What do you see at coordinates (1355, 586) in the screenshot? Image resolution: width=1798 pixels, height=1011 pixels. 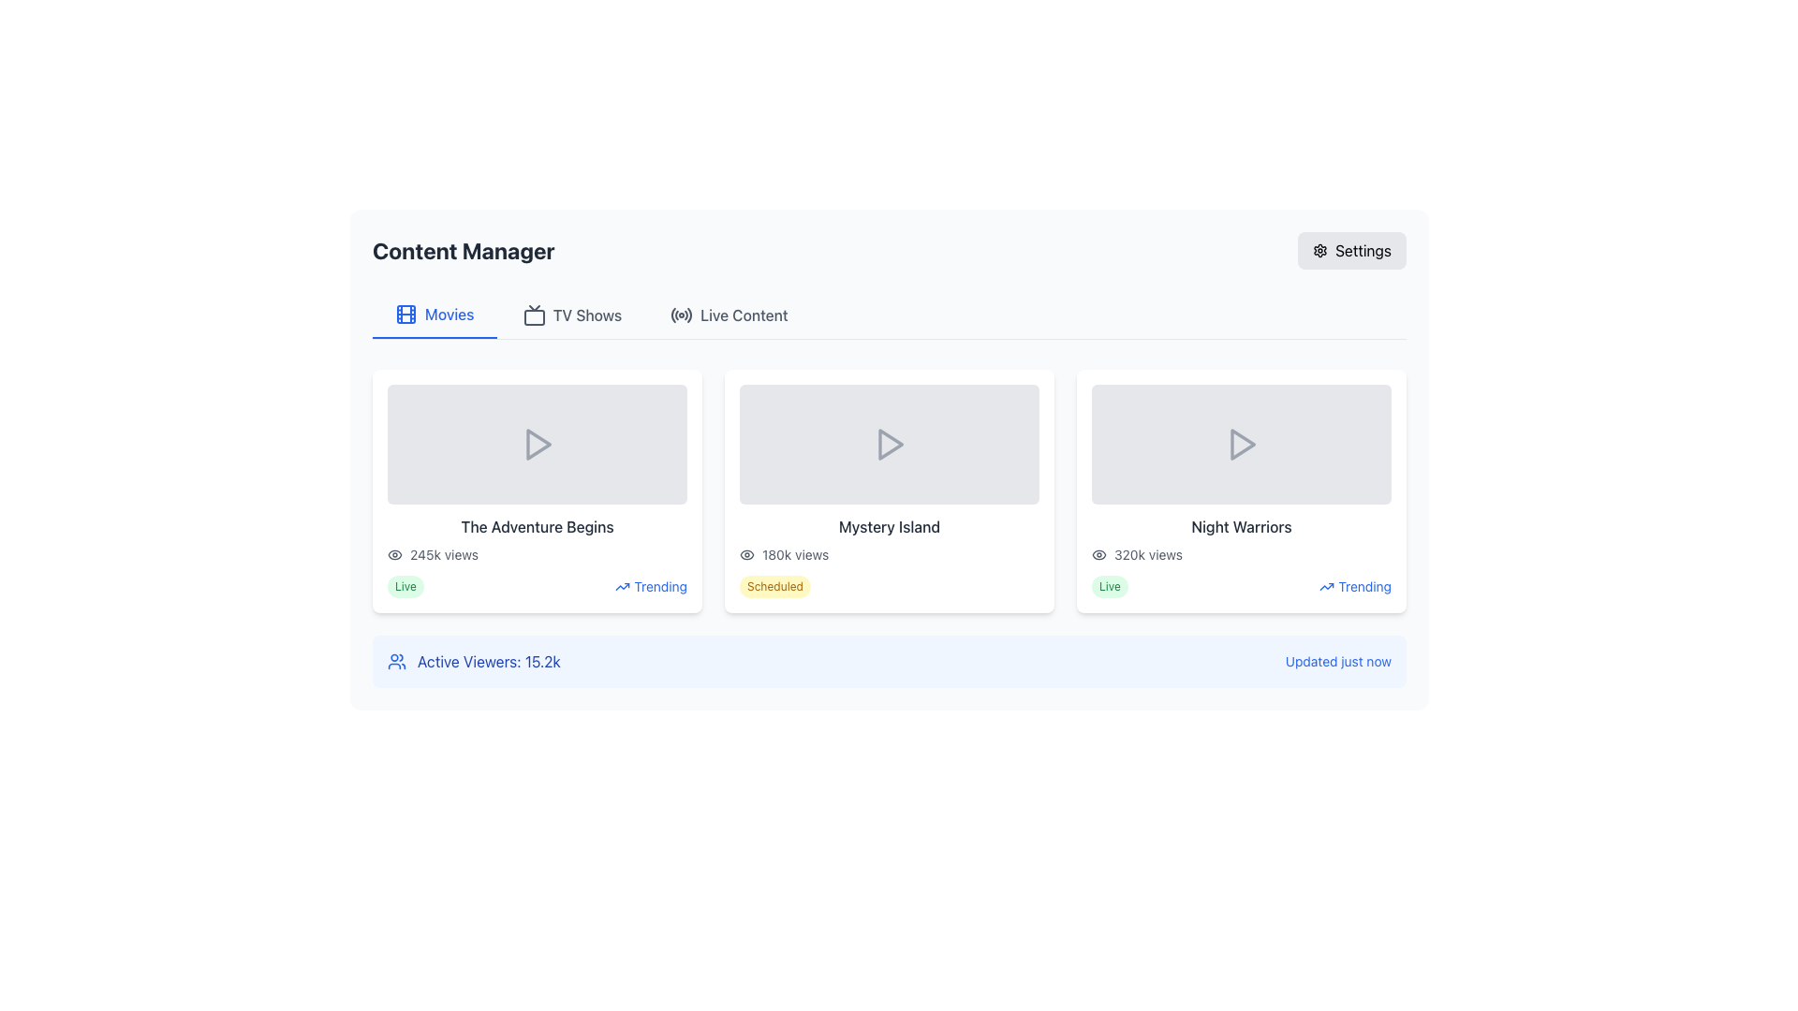 I see `the 'Trending' label styled in blue text with a small upward arrow icon located in the bottom-right corner of the 'Night Warriors' content card in the 'Content Manager' dashboard` at bounding box center [1355, 586].